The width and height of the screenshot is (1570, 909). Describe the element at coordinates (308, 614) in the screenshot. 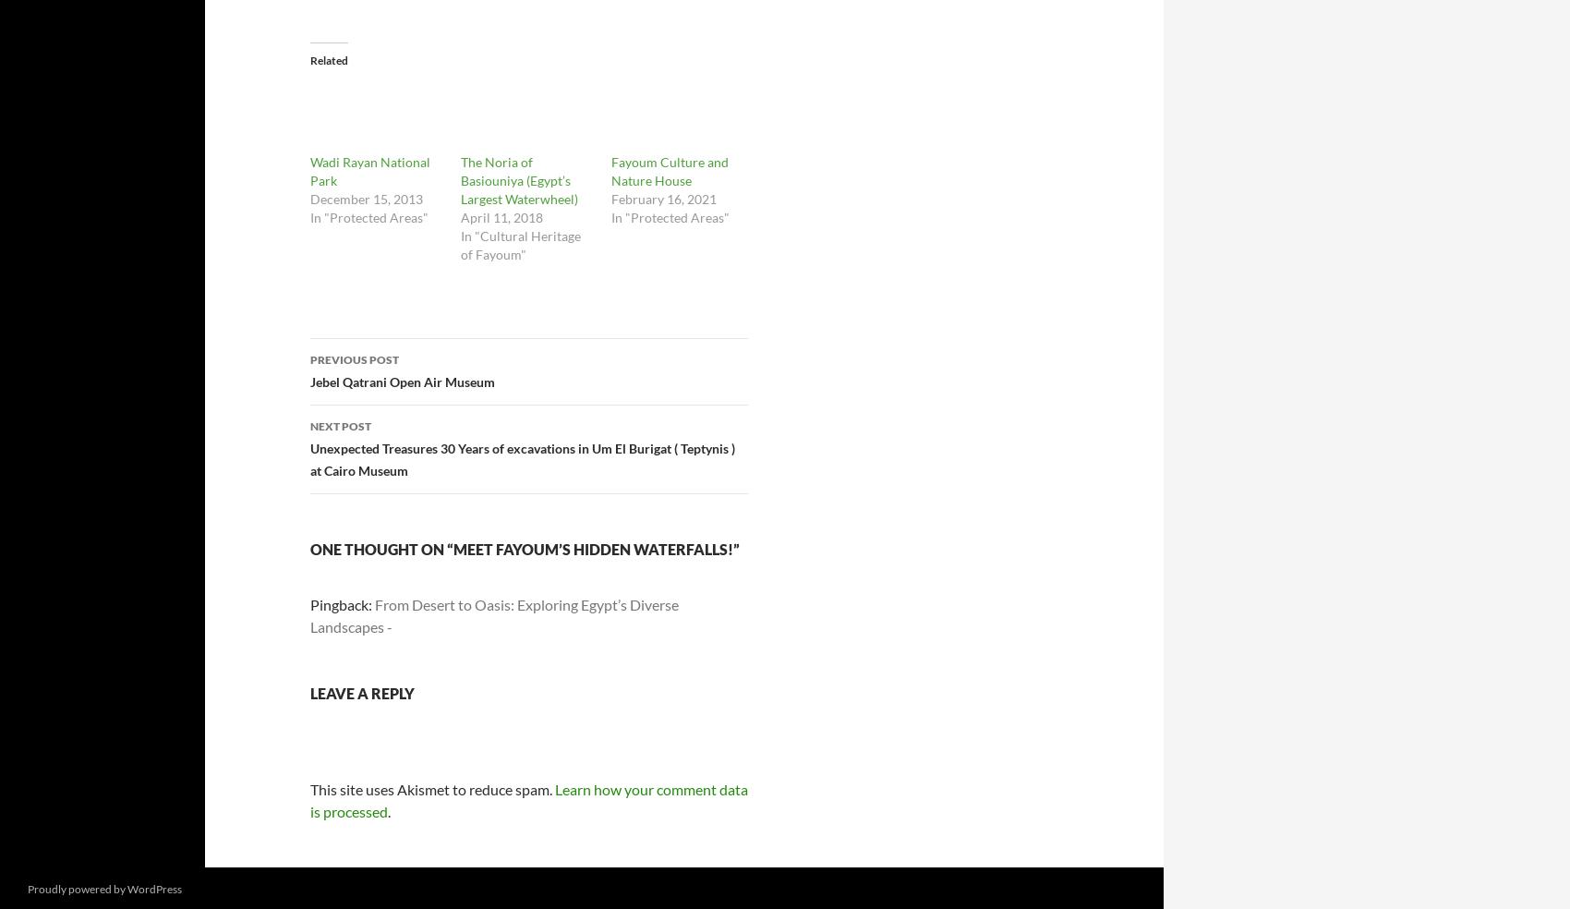

I see `'From Desert to Oasis: Exploring Egypt’s Diverse Landscapes -'` at that location.